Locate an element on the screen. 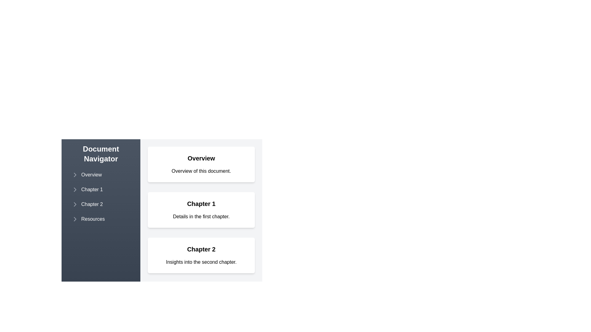 This screenshot has height=332, width=591. an item in the 'Document Navigator' sidebar, which contains navigation links labeled 'Overview', 'Chapter 1', 'Chapter 2', and 'Resources' is located at coordinates (101, 197).